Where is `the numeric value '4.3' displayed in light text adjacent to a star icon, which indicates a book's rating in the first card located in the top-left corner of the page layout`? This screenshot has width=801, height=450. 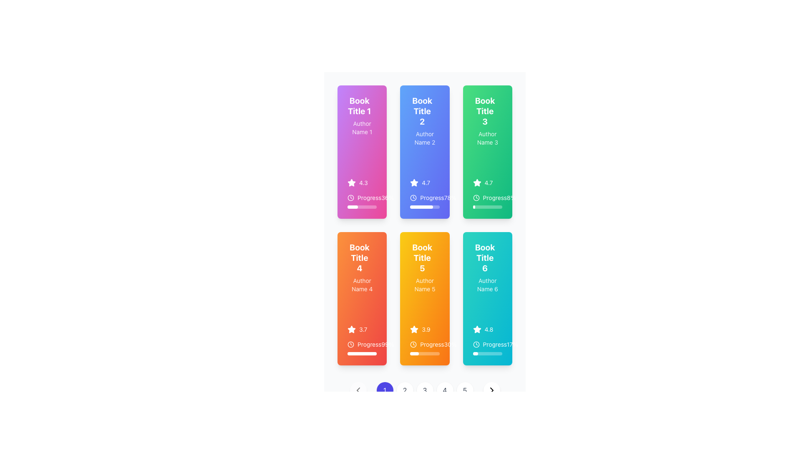 the numeric value '4.3' displayed in light text adjacent to a star icon, which indicates a book's rating in the first card located in the top-left corner of the page layout is located at coordinates (363, 182).